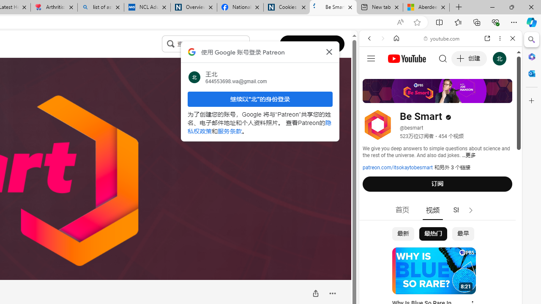 This screenshot has height=304, width=541. I want to click on 'Class: style-scope tp-yt-iron-icon', so click(470, 210).